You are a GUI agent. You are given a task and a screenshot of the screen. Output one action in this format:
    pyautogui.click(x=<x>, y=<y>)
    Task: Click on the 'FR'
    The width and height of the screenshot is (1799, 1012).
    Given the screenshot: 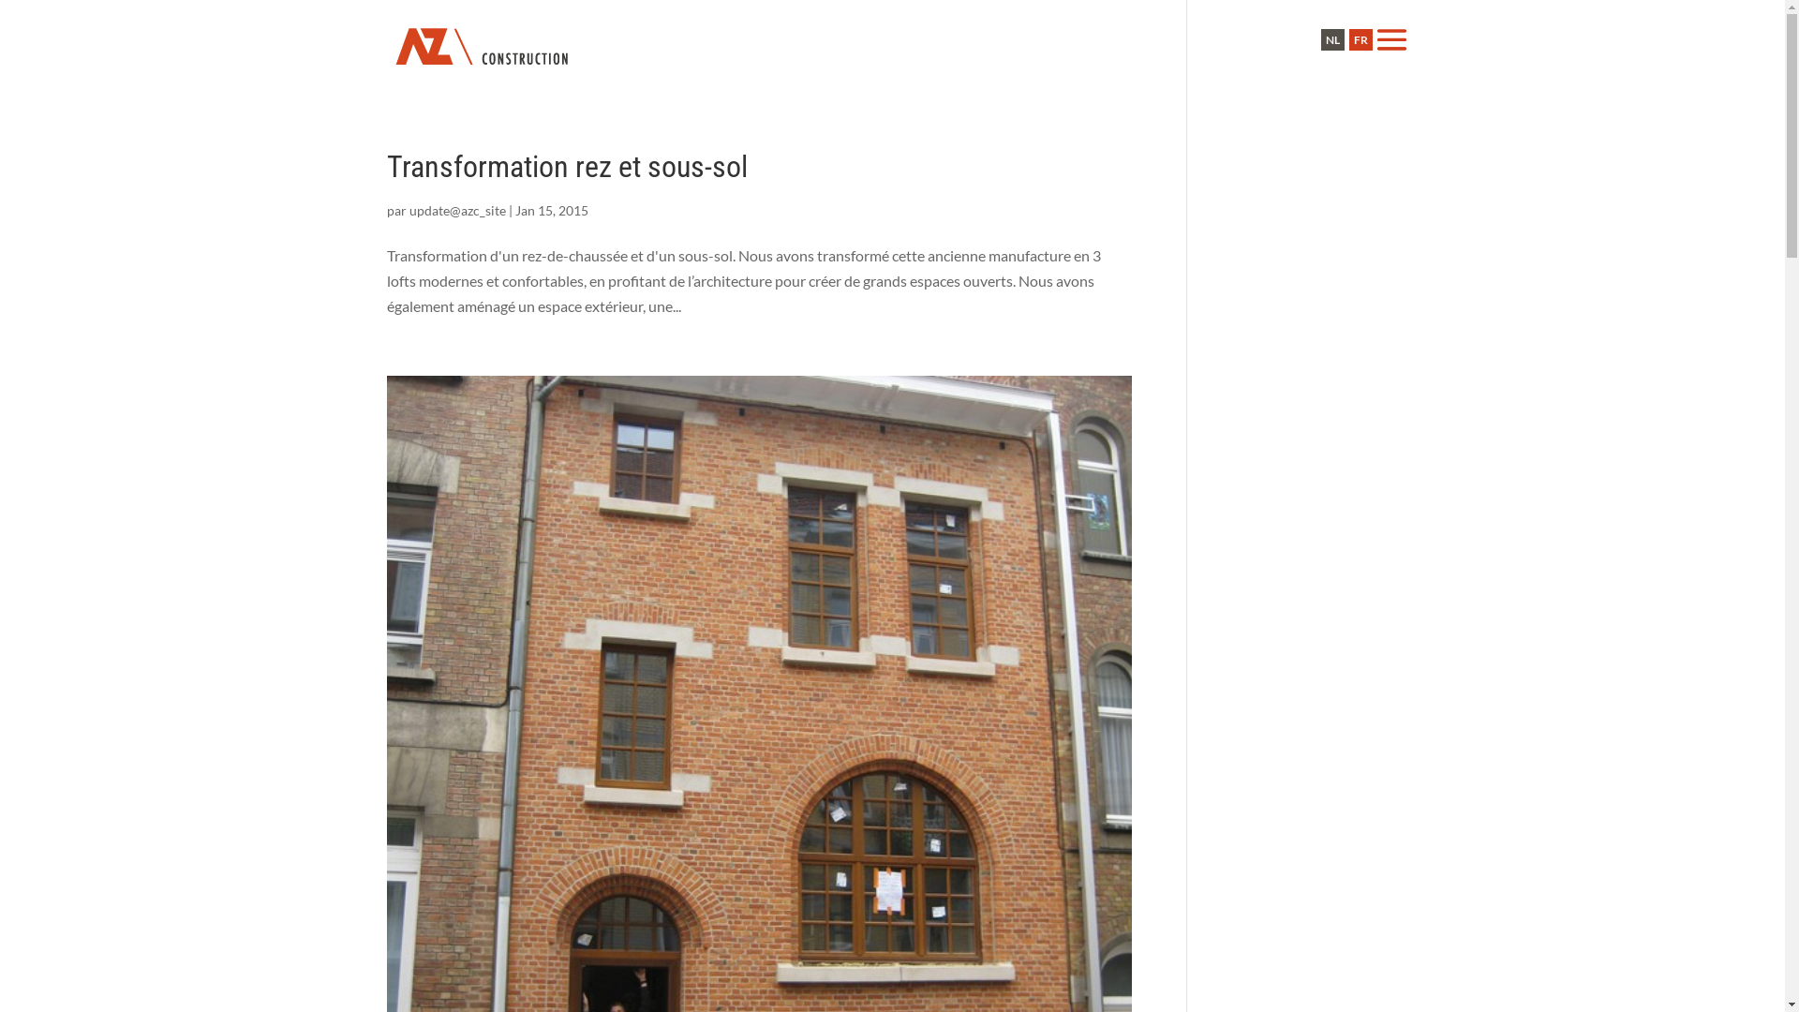 What is the action you would take?
    pyautogui.click(x=1360, y=39)
    